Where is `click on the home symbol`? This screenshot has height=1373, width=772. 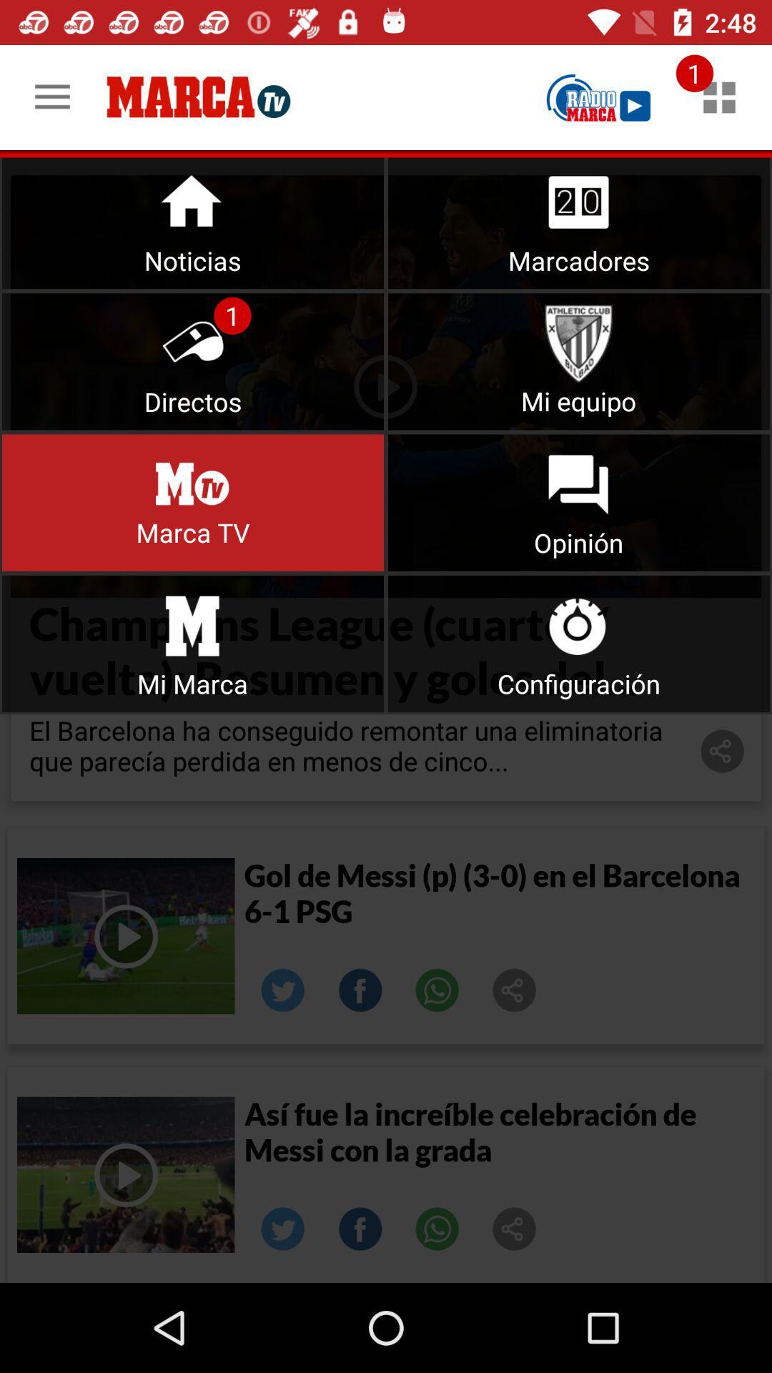 click on the home symbol is located at coordinates (193, 220).